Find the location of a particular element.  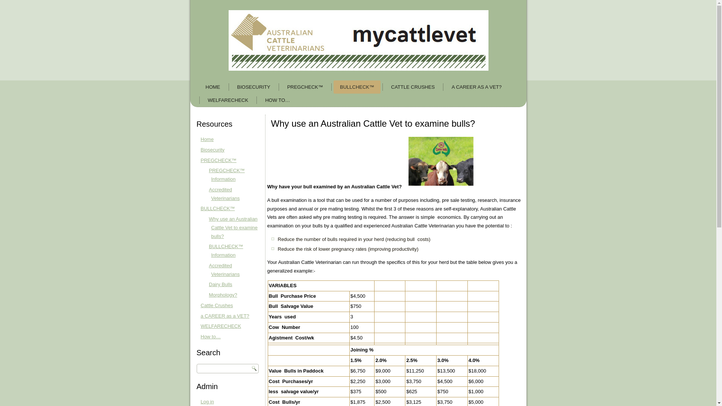

'BIOSECURITY' is located at coordinates (254, 86).